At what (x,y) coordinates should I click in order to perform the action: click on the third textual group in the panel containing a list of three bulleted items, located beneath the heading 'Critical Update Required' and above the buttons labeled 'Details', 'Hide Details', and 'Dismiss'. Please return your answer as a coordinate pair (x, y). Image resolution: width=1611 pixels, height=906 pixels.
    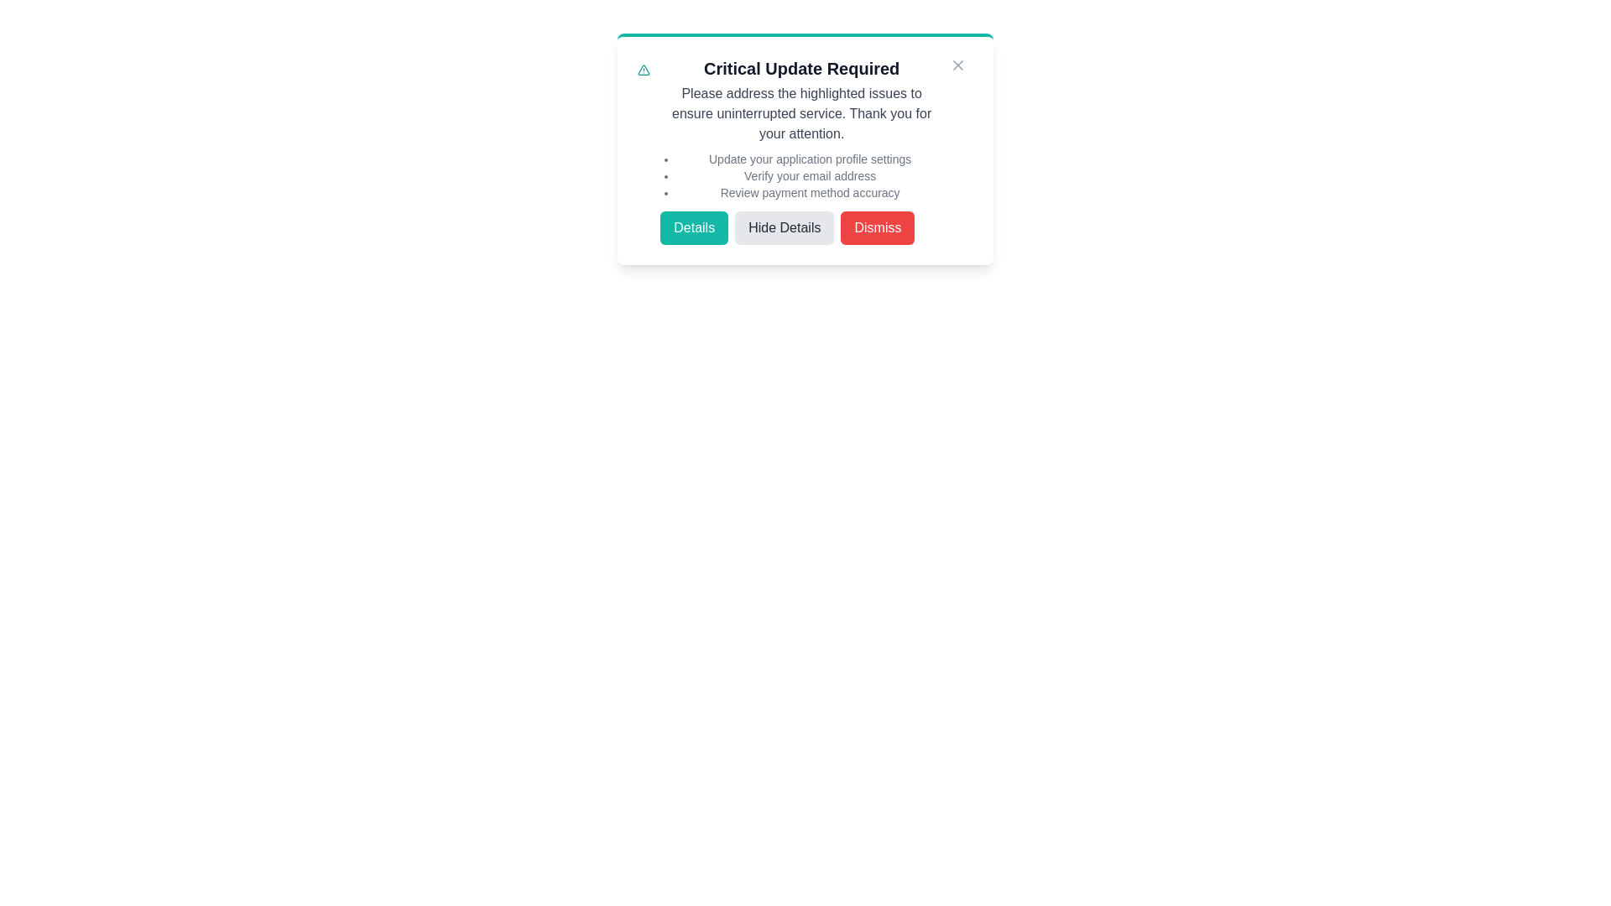
    Looking at the image, I should click on (805, 151).